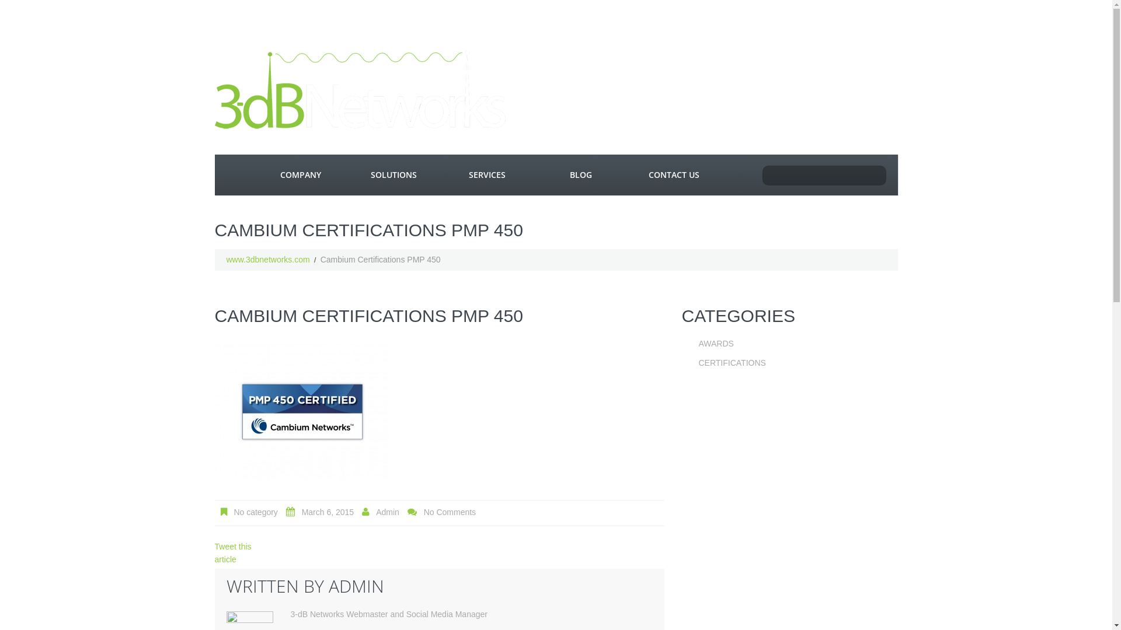 The width and height of the screenshot is (1121, 630). I want to click on 'SOLUTIONS', so click(394, 175).